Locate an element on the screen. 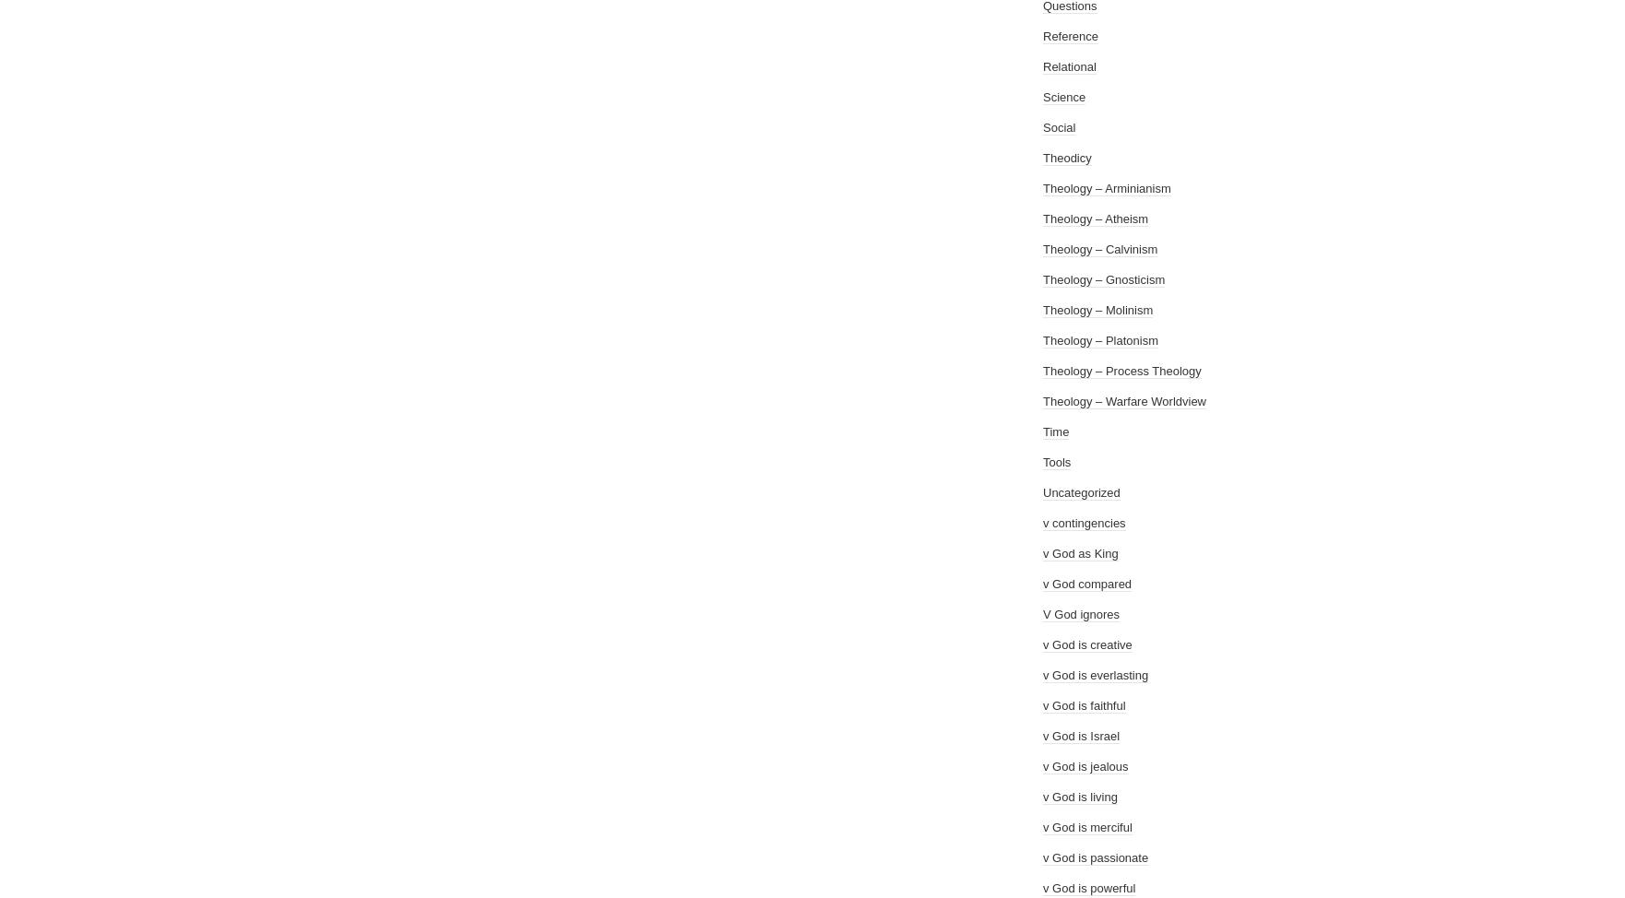 This screenshot has width=1625, height=898. 'Theodicy' is located at coordinates (1066, 158).